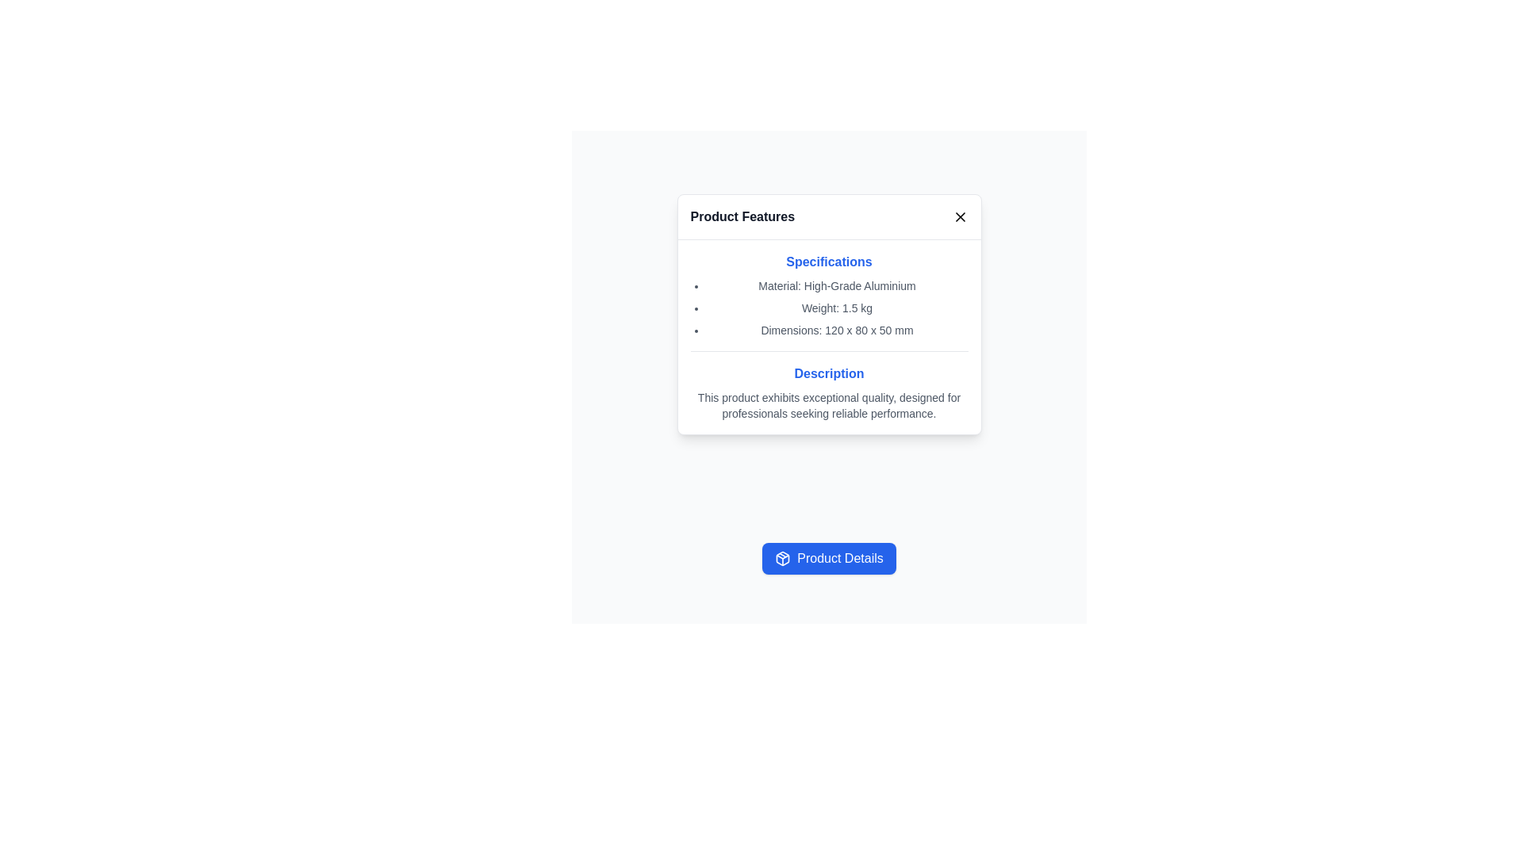 This screenshot has height=856, width=1523. Describe the element at coordinates (959, 216) in the screenshot. I see `the close icon represented by a diagonal cross in the top-right corner of the 'Product Features' card` at that location.